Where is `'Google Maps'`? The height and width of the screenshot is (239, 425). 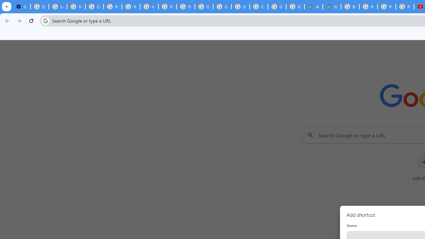 'Google Maps' is located at coordinates (332, 7).